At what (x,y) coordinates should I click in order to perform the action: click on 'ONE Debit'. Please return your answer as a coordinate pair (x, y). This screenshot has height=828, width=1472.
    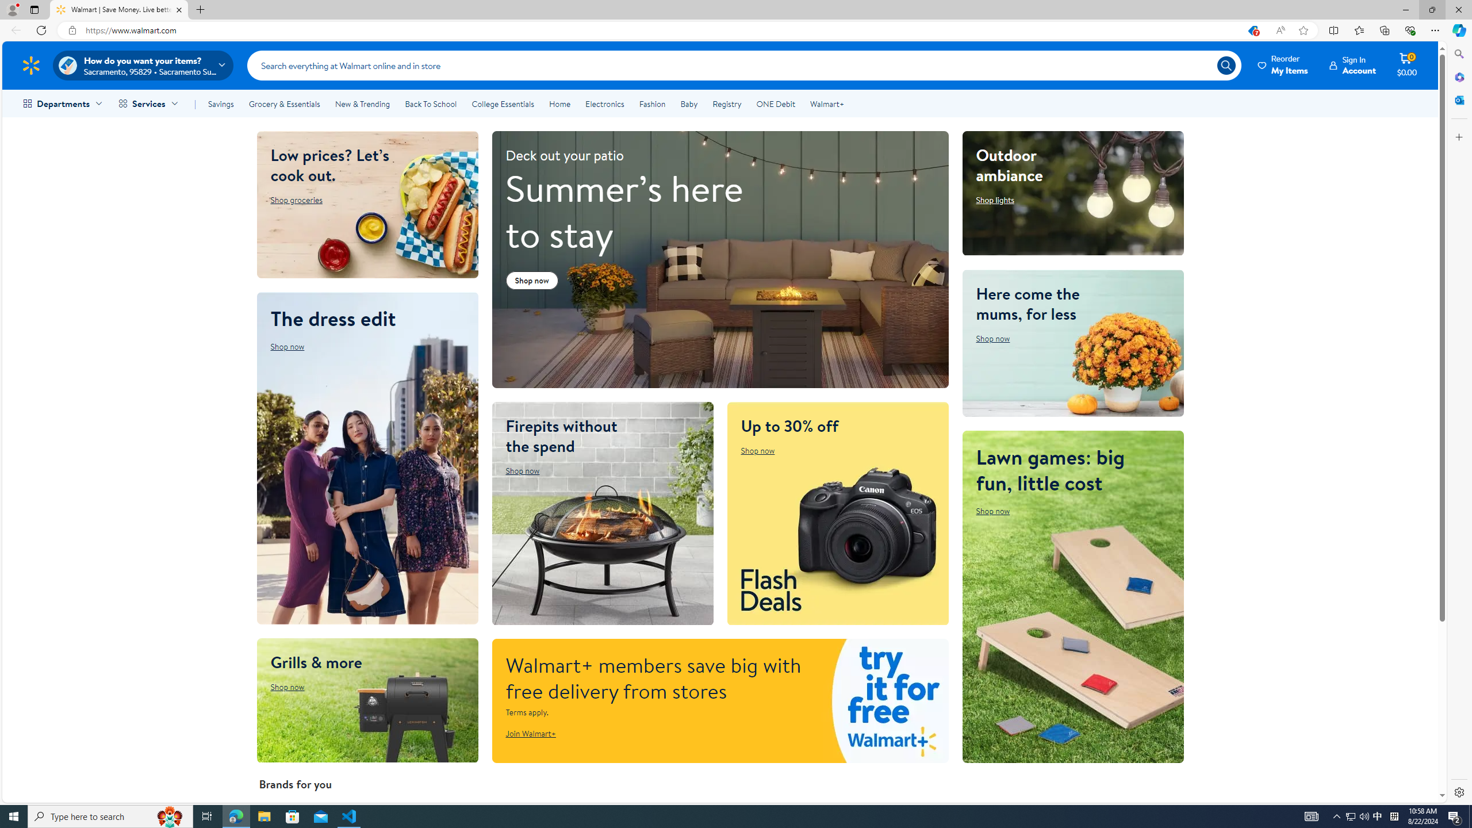
    Looking at the image, I should click on (776, 103).